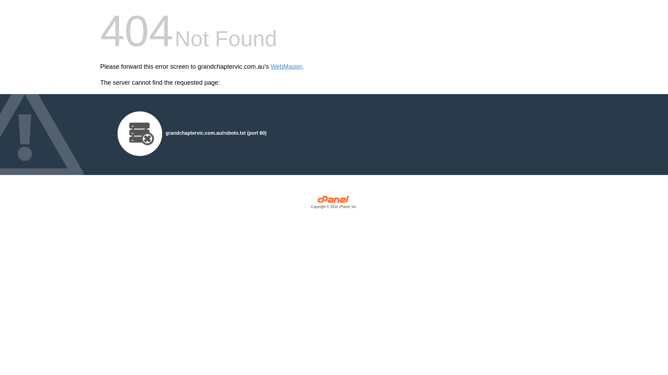 Image resolution: width=668 pixels, height=375 pixels. I want to click on 'WebMaster', so click(270, 67).